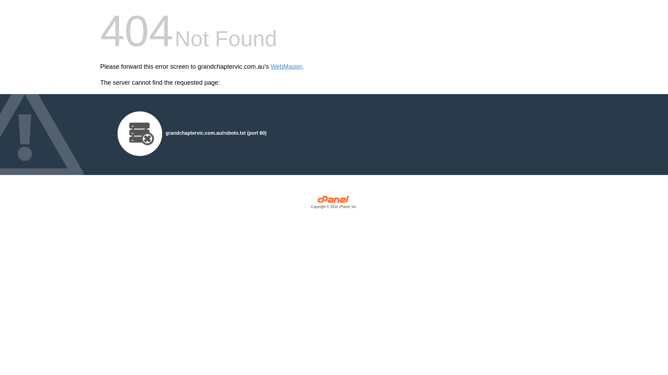 Image resolution: width=668 pixels, height=375 pixels. I want to click on 'WebMaster', so click(270, 67).